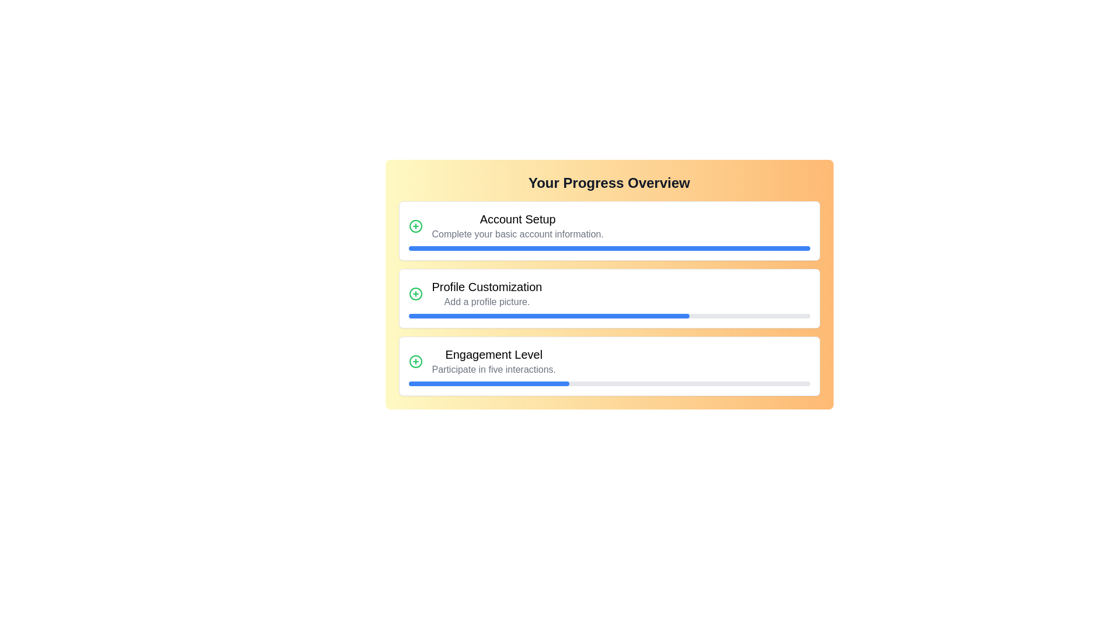 This screenshot has height=630, width=1120. I want to click on the green circular icon with a centered cross, located to the left of the 'Account Setup' text in the 'Your Progress Overview' interface, to initiate an action, so click(415, 226).